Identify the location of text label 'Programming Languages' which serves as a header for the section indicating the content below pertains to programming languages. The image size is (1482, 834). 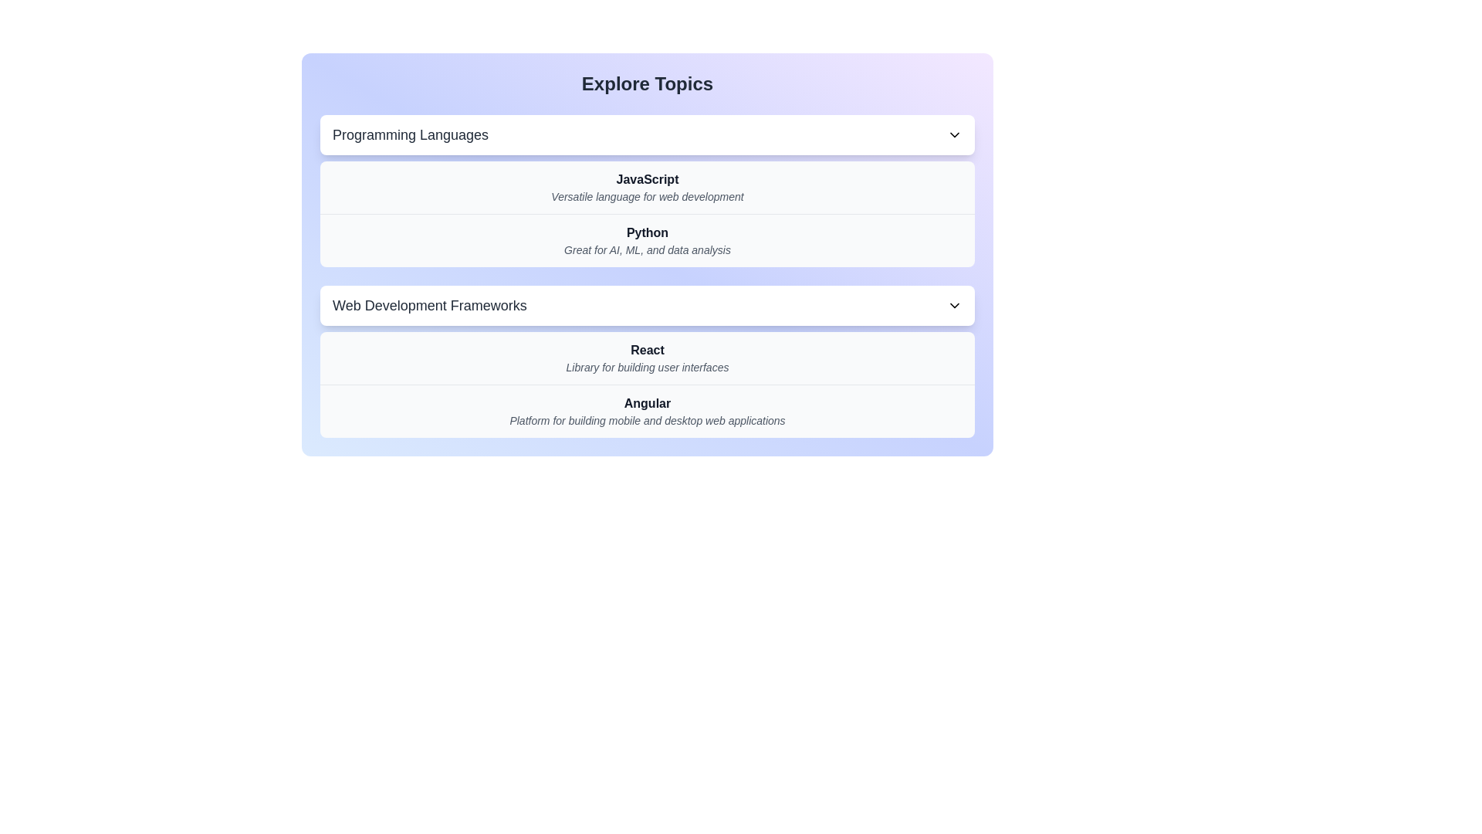
(411, 134).